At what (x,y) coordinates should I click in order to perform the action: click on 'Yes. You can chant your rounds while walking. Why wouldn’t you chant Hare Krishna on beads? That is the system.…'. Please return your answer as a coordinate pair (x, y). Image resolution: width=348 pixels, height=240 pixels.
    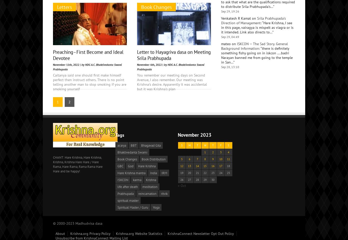
    Looking at the image, I should click on (256, 59).